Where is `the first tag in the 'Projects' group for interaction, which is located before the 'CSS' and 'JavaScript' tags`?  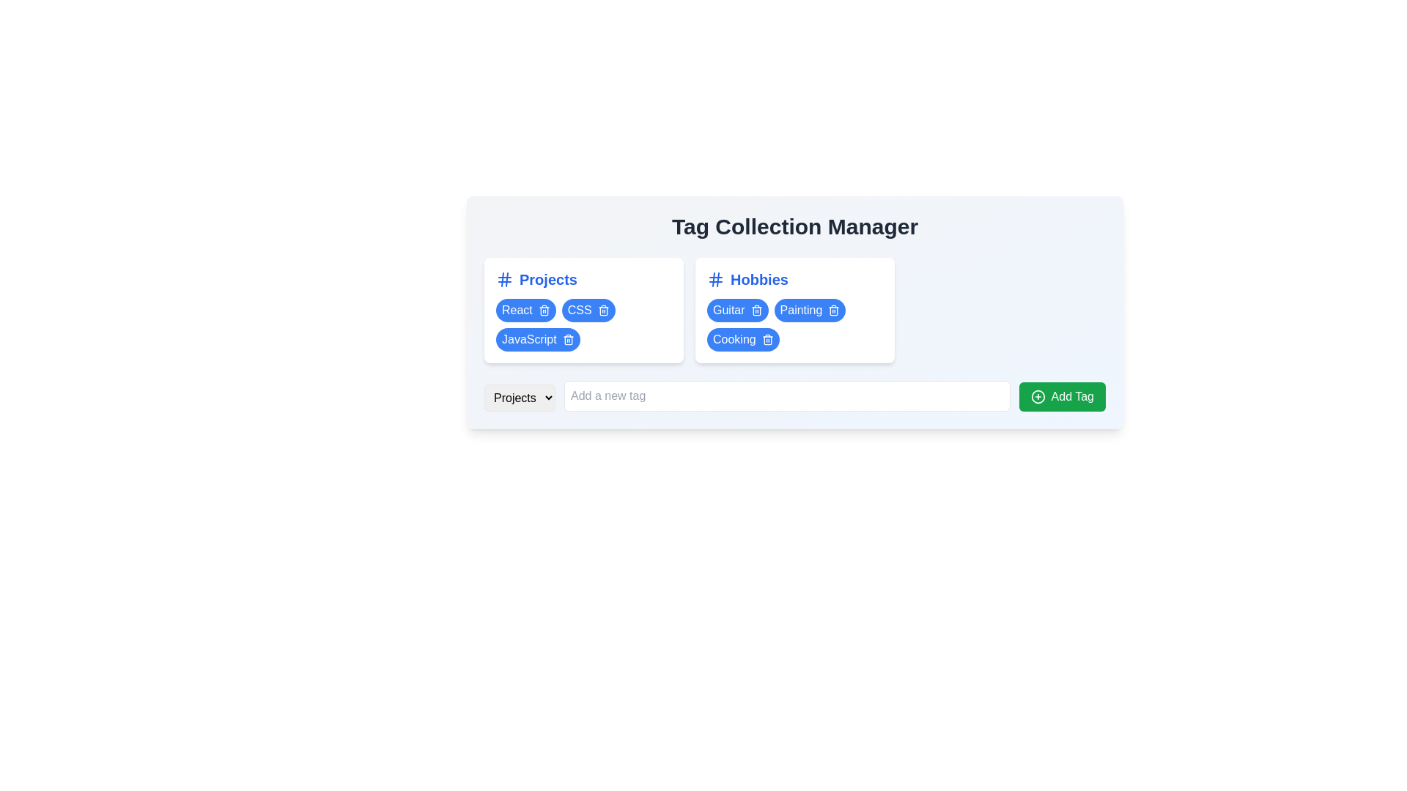 the first tag in the 'Projects' group for interaction, which is located before the 'CSS' and 'JavaScript' tags is located at coordinates (525, 310).